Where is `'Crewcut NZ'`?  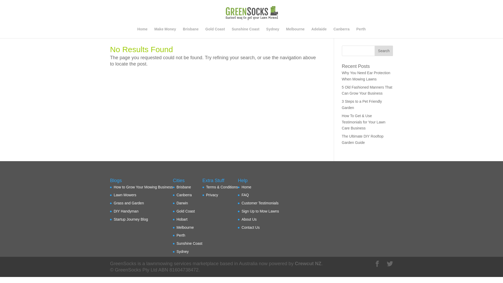
'Crewcut NZ' is located at coordinates (295, 264).